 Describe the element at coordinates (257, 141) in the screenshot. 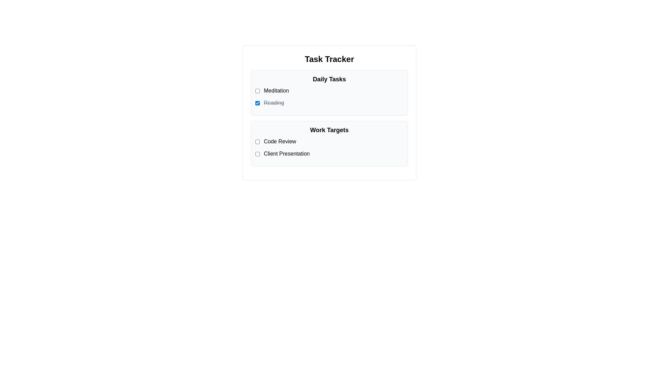

I see `the checkbox located in the 'Work Targets' section, which is horizontally aligned with the text 'Code Review'` at that location.